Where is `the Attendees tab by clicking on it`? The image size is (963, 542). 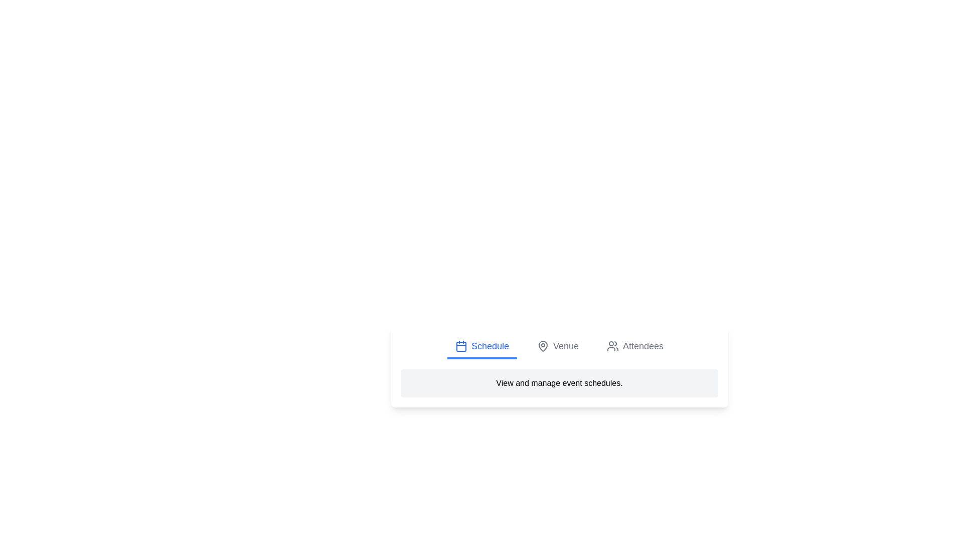 the Attendees tab by clicking on it is located at coordinates (634, 346).